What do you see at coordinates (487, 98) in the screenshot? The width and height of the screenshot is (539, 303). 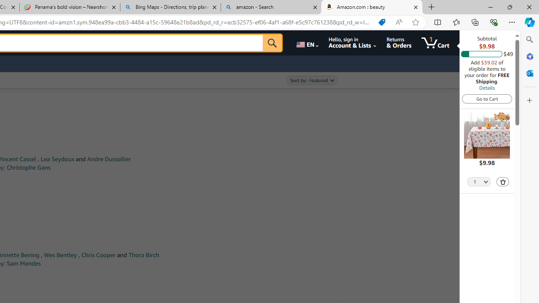 I see `'Go to Cart'` at bounding box center [487, 98].